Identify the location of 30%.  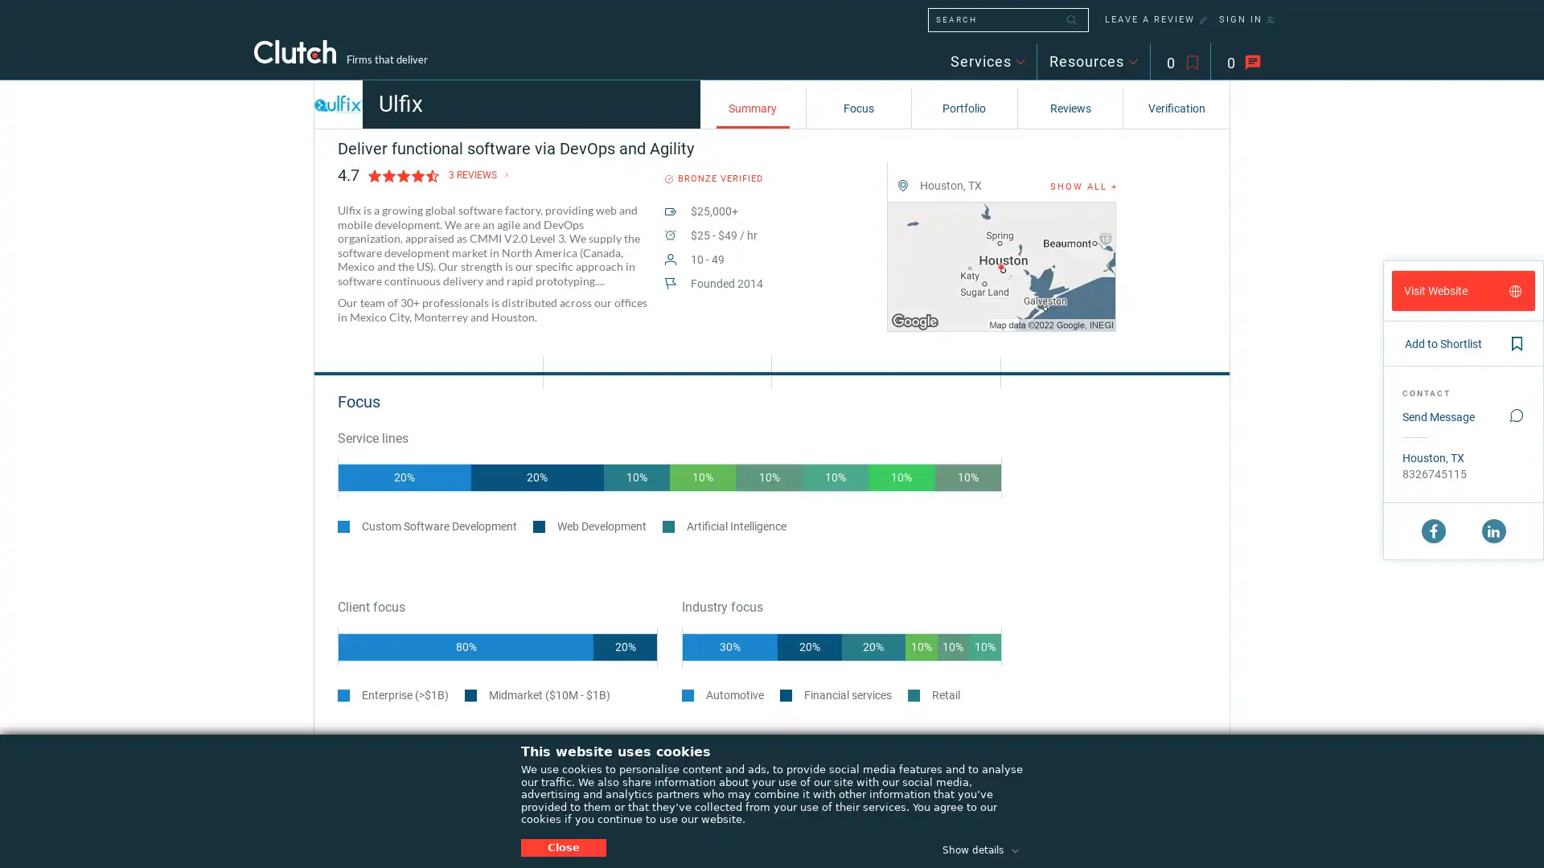
(729, 645).